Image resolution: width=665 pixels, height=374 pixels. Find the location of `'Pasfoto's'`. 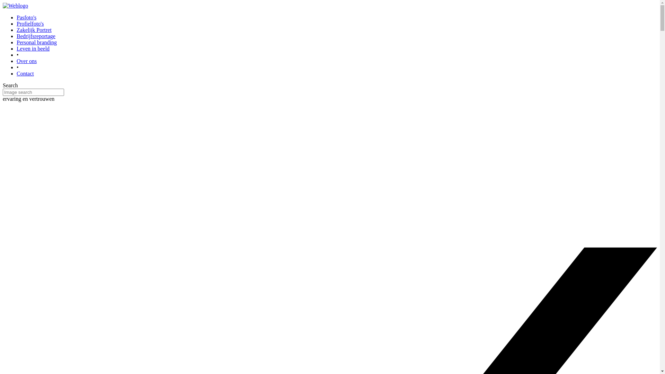

'Pasfoto's' is located at coordinates (17, 17).